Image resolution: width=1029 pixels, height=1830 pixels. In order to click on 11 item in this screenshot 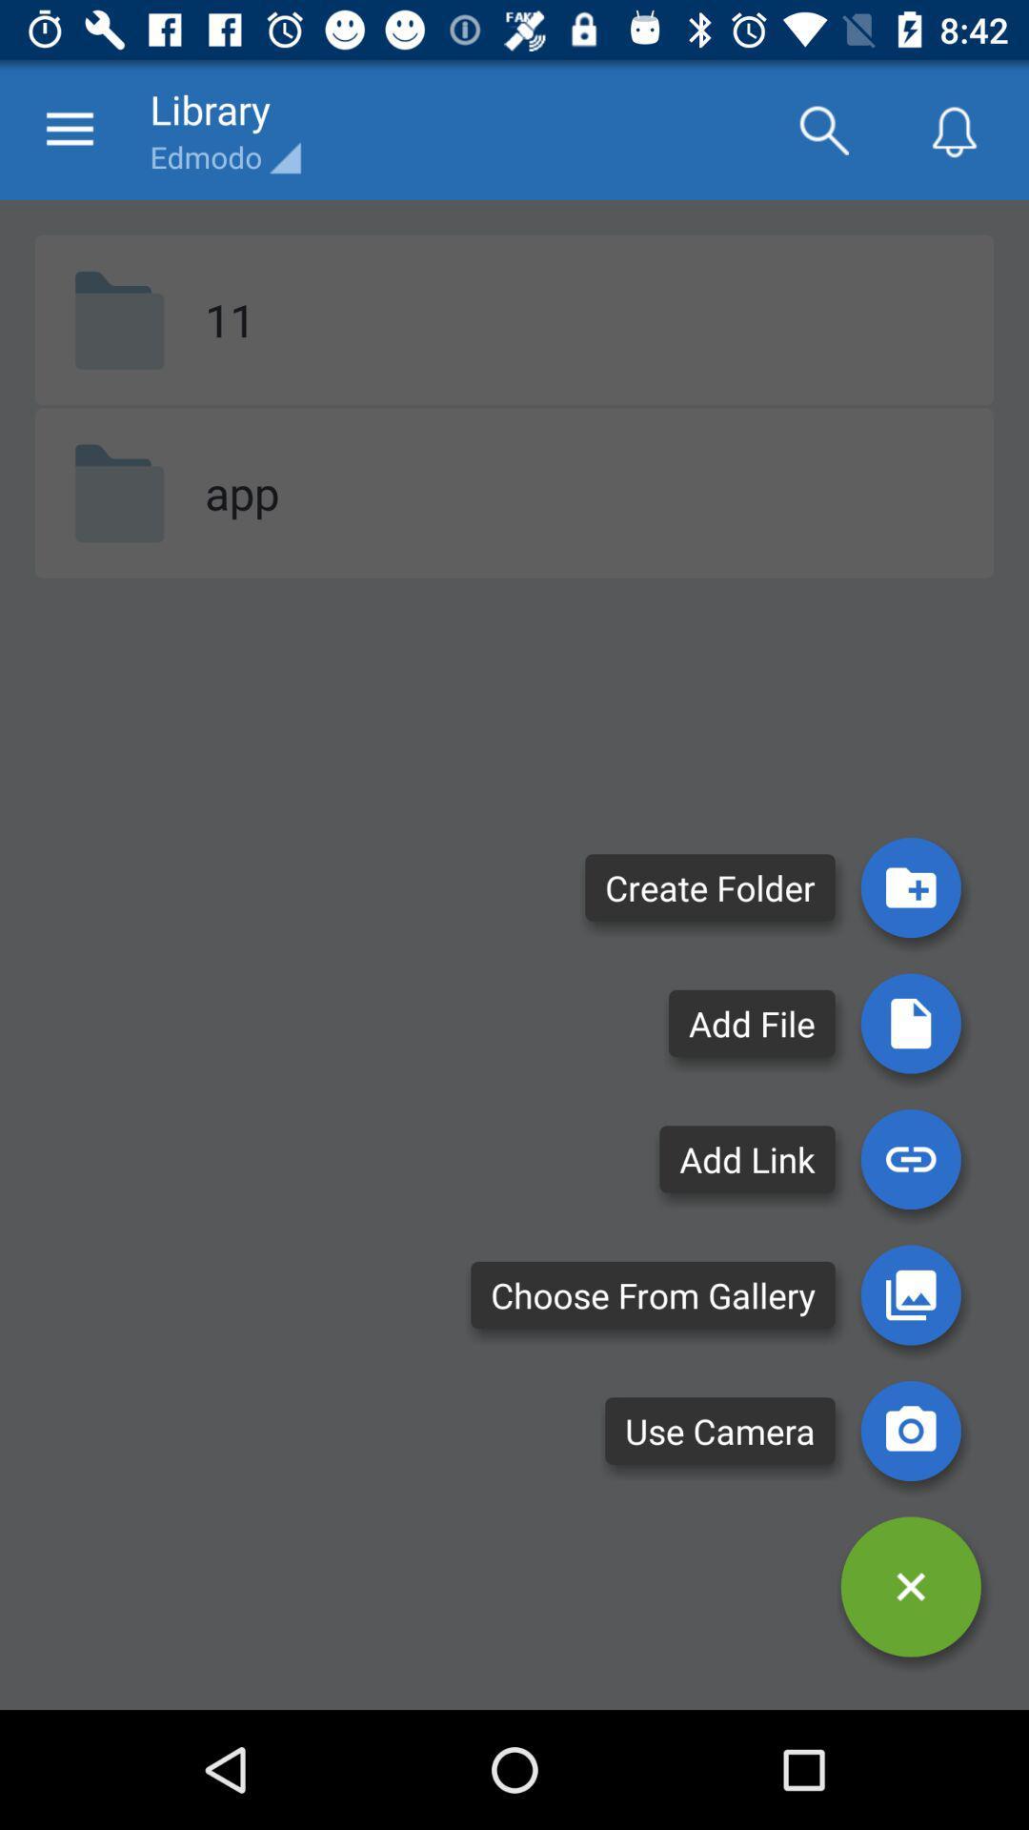, I will do `click(229, 319)`.